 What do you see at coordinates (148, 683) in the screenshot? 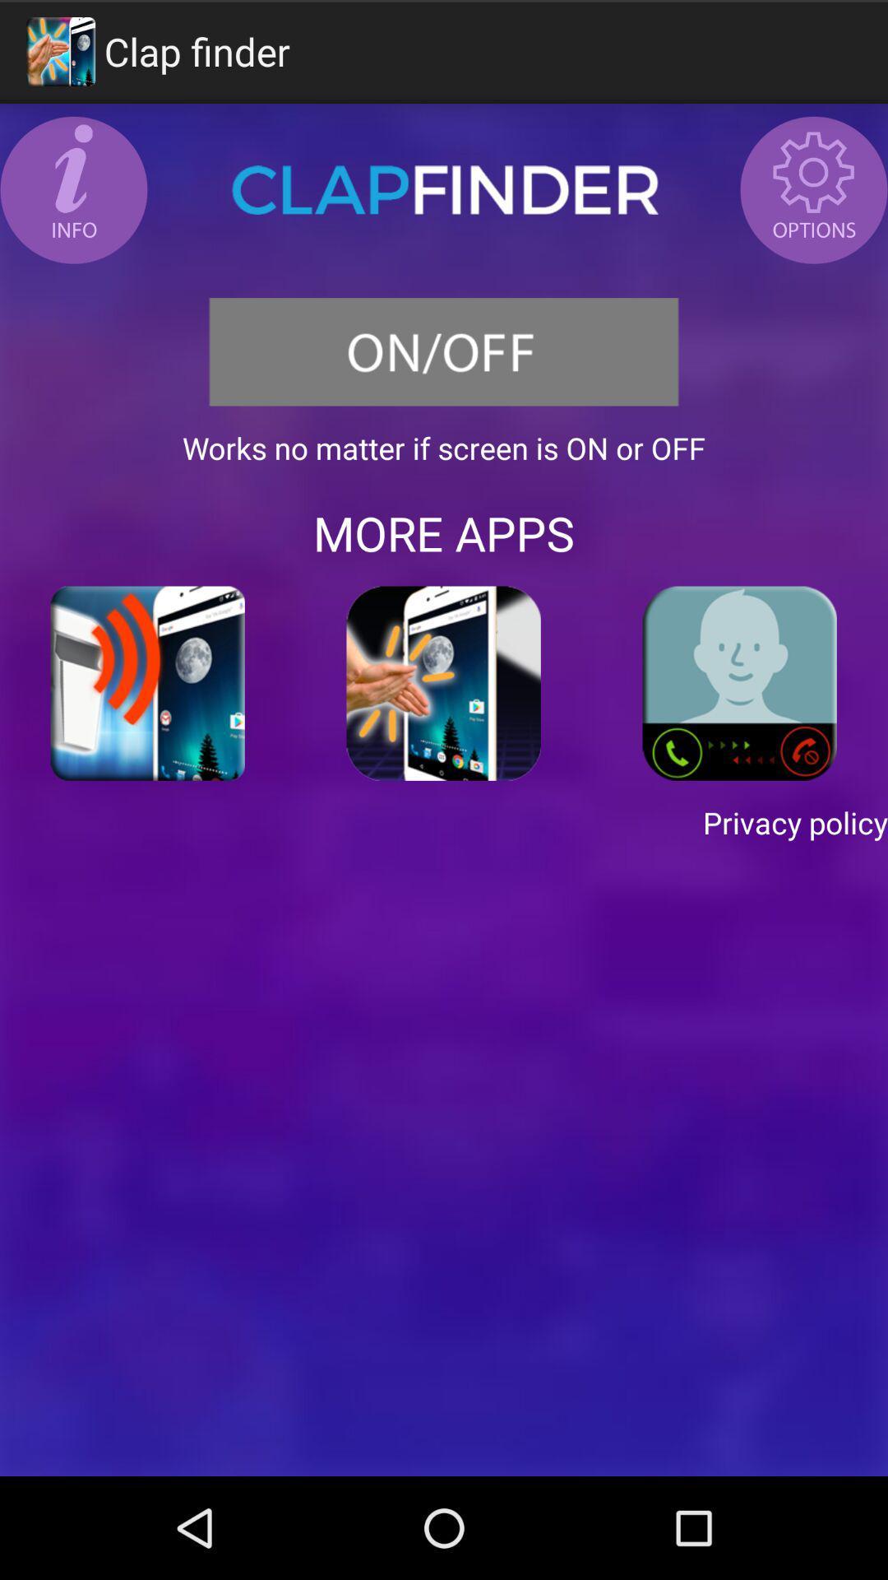
I see `open new app` at bounding box center [148, 683].